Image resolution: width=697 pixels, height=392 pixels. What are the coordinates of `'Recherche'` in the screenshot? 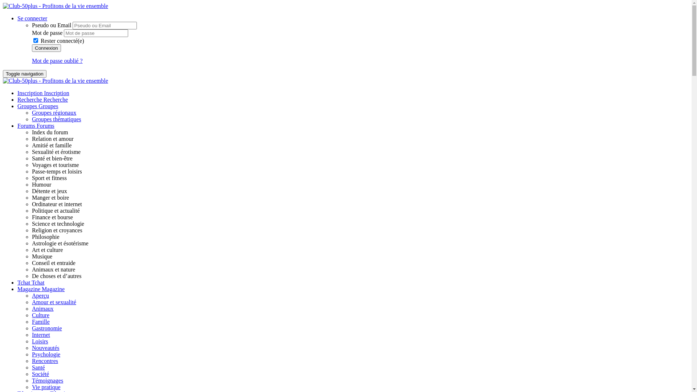 It's located at (30, 99).